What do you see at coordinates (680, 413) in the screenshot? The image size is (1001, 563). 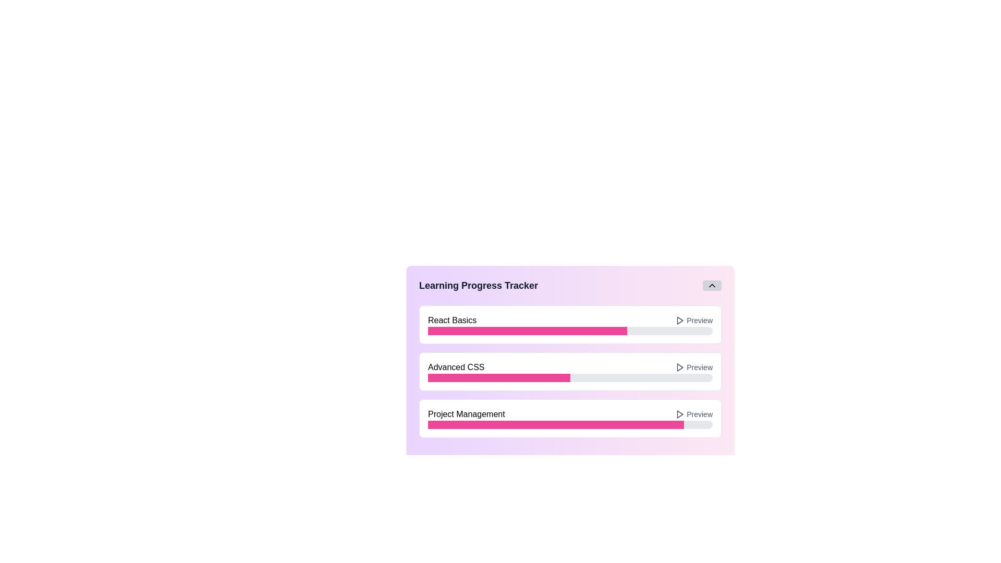 I see `the small play icon (right-pointing triangle) adjacent to the 'Project Management' progress tracker` at bounding box center [680, 413].